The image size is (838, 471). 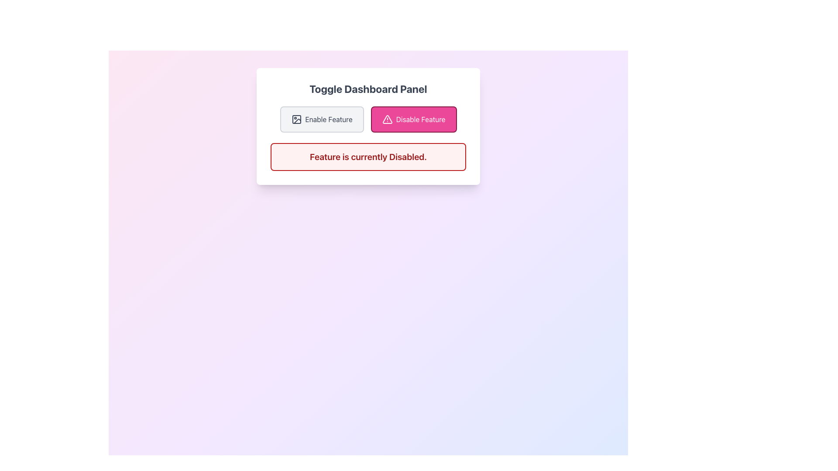 I want to click on the warning icon representing the 'Disable Feature' action located within the 'Disable Feature' button on the Toggle Dashboard Panel, so click(x=387, y=119).